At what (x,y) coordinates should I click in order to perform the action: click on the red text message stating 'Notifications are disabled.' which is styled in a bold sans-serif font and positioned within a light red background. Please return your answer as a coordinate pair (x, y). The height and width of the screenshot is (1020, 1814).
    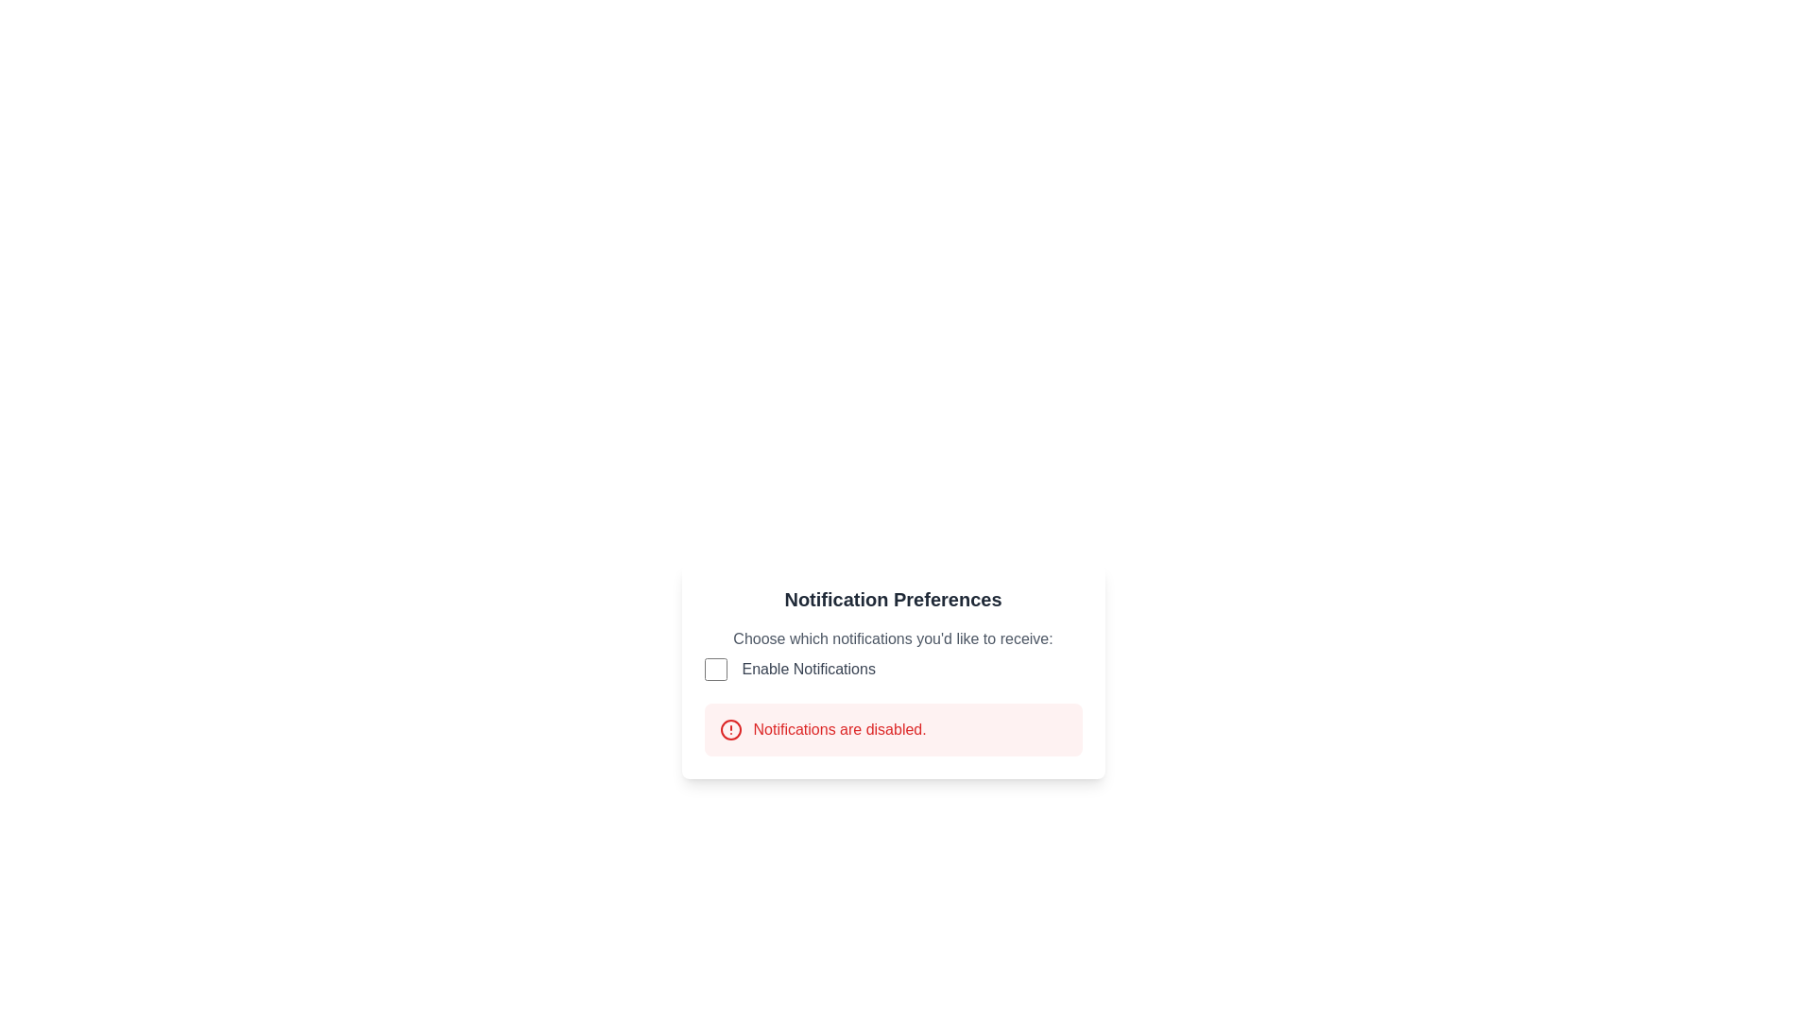
    Looking at the image, I should click on (839, 728).